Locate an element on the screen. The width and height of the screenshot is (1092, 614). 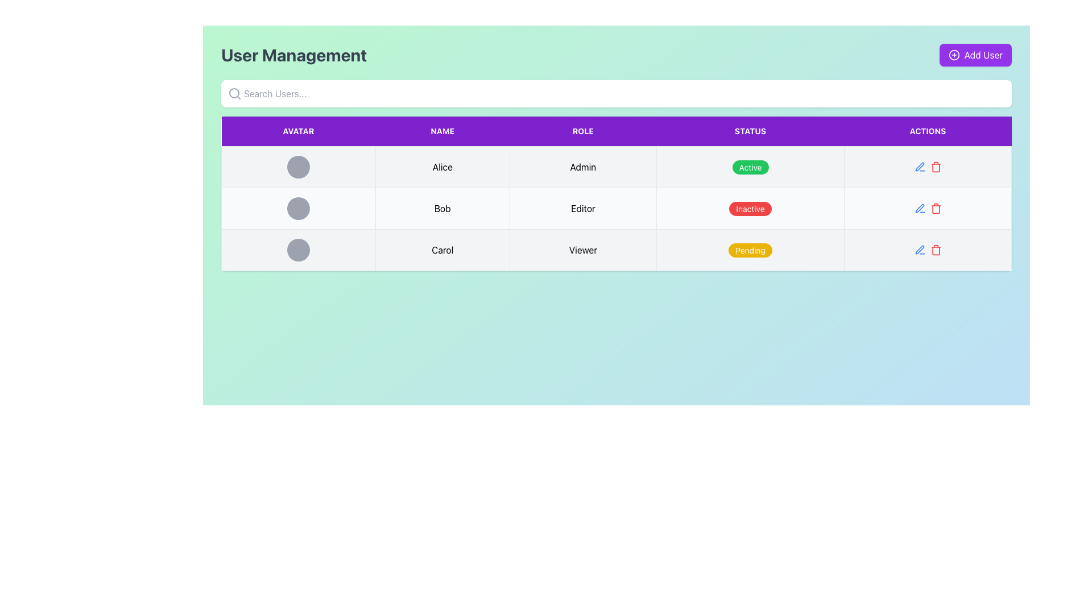
the circular graphical placeholder or avatar display located in the first cell under the 'Avatar' column of the user management table is located at coordinates (298, 167).